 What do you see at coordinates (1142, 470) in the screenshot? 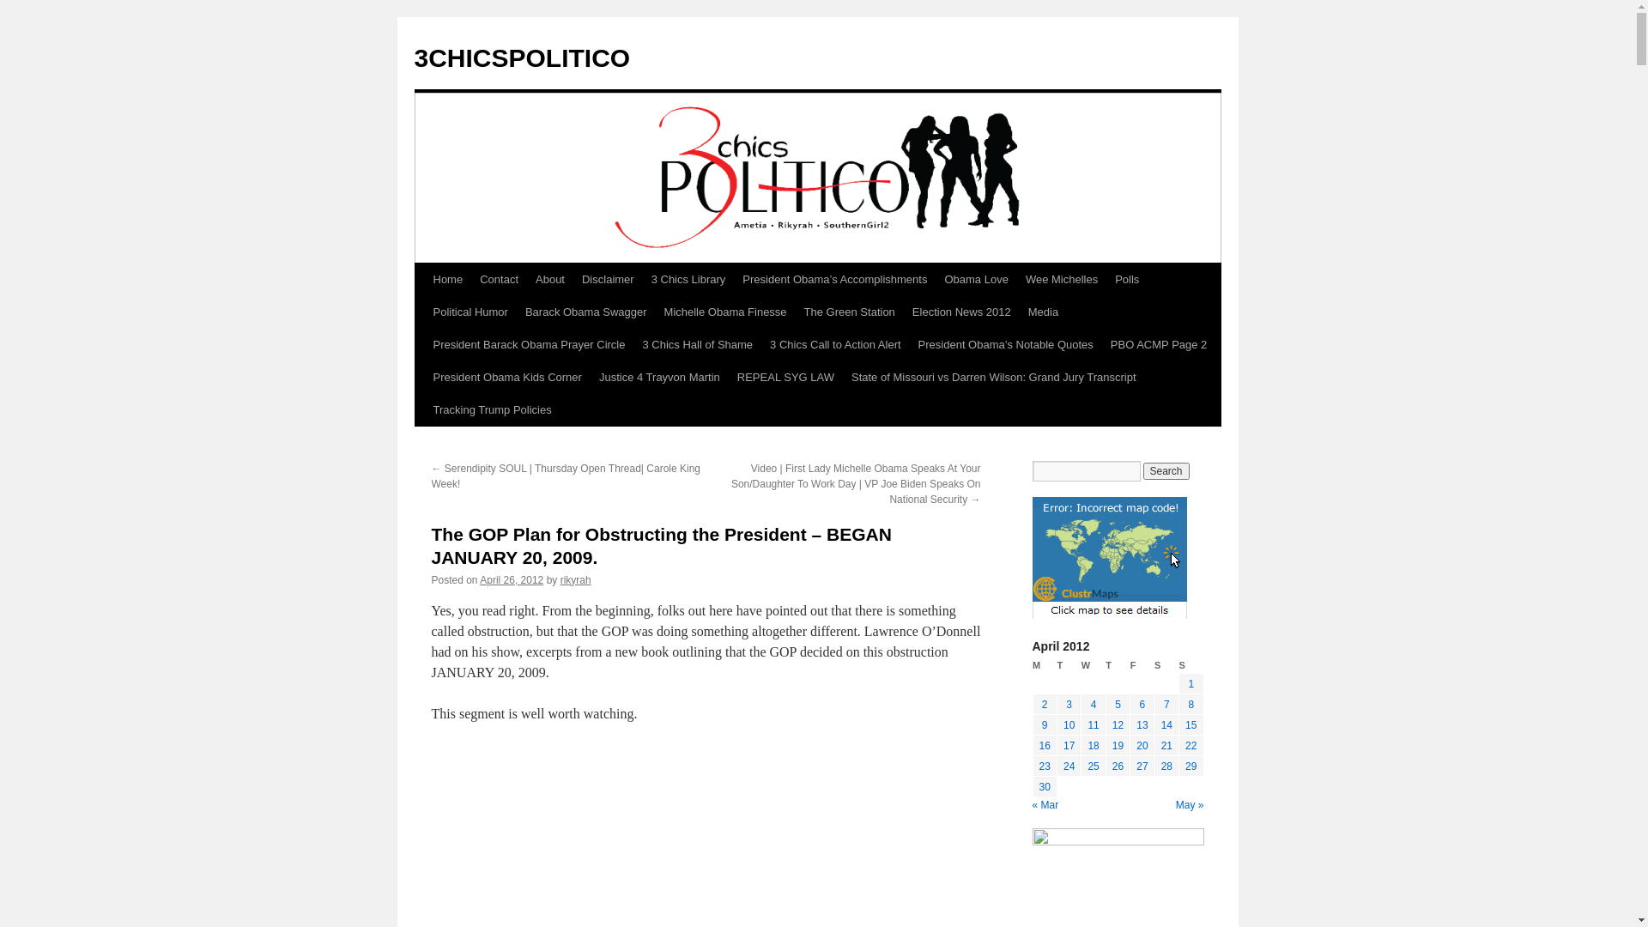
I see `'Search'` at bounding box center [1142, 470].